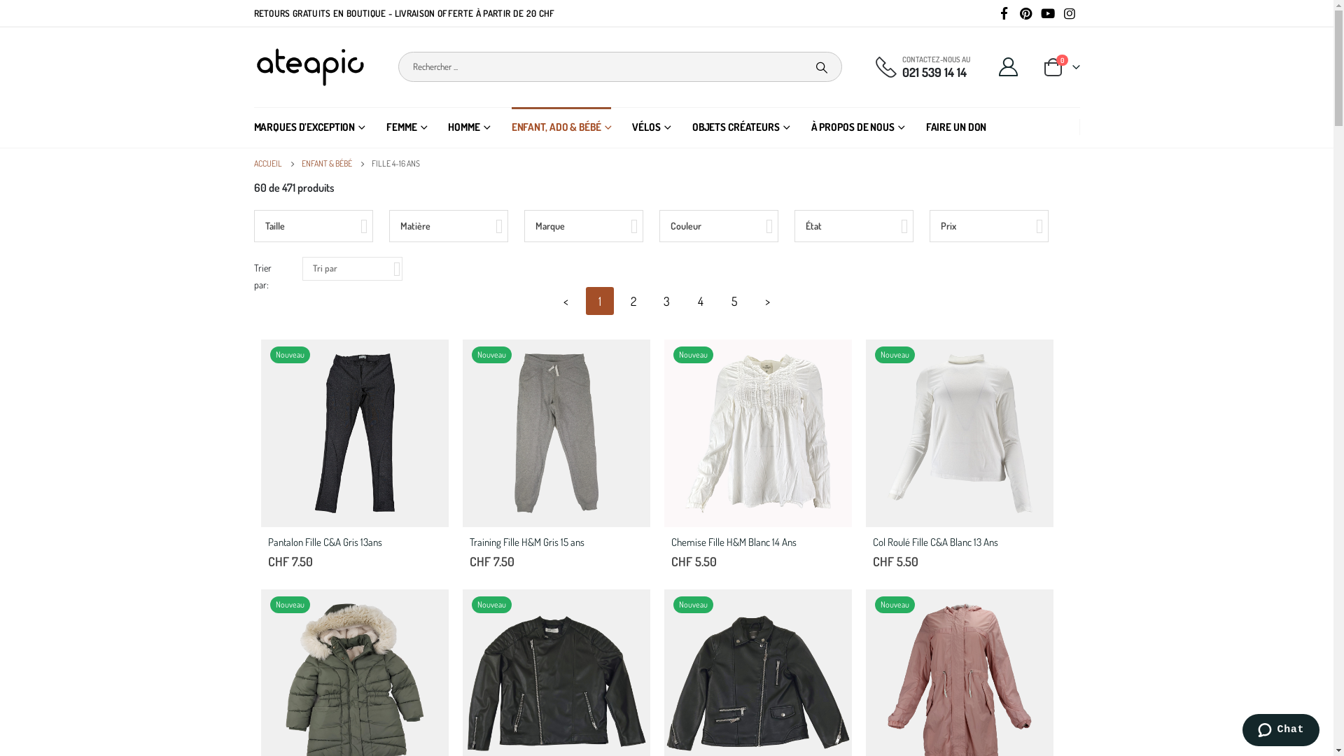 The width and height of the screenshot is (1344, 756). Describe the element at coordinates (311, 225) in the screenshot. I see `'Taille'` at that location.